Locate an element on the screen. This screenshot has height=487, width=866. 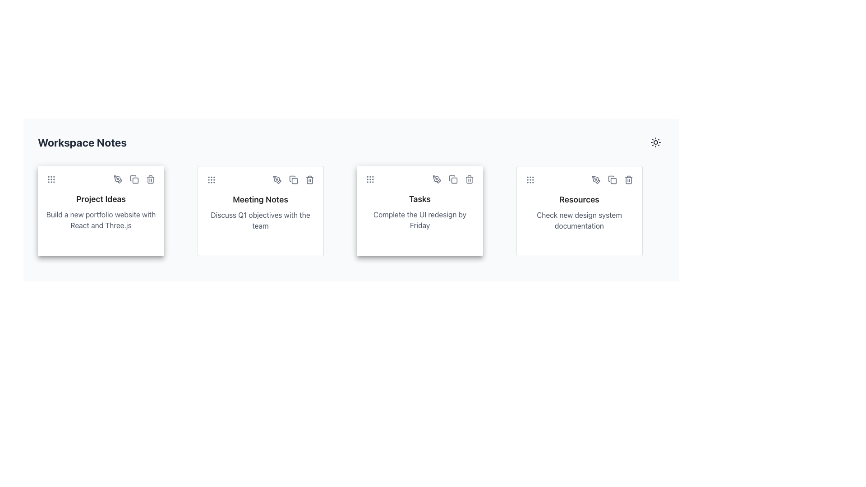
the copy button located on the top-right side of the 'Tasks' card, which is the second icon in a row of three icons is located at coordinates (453, 179).